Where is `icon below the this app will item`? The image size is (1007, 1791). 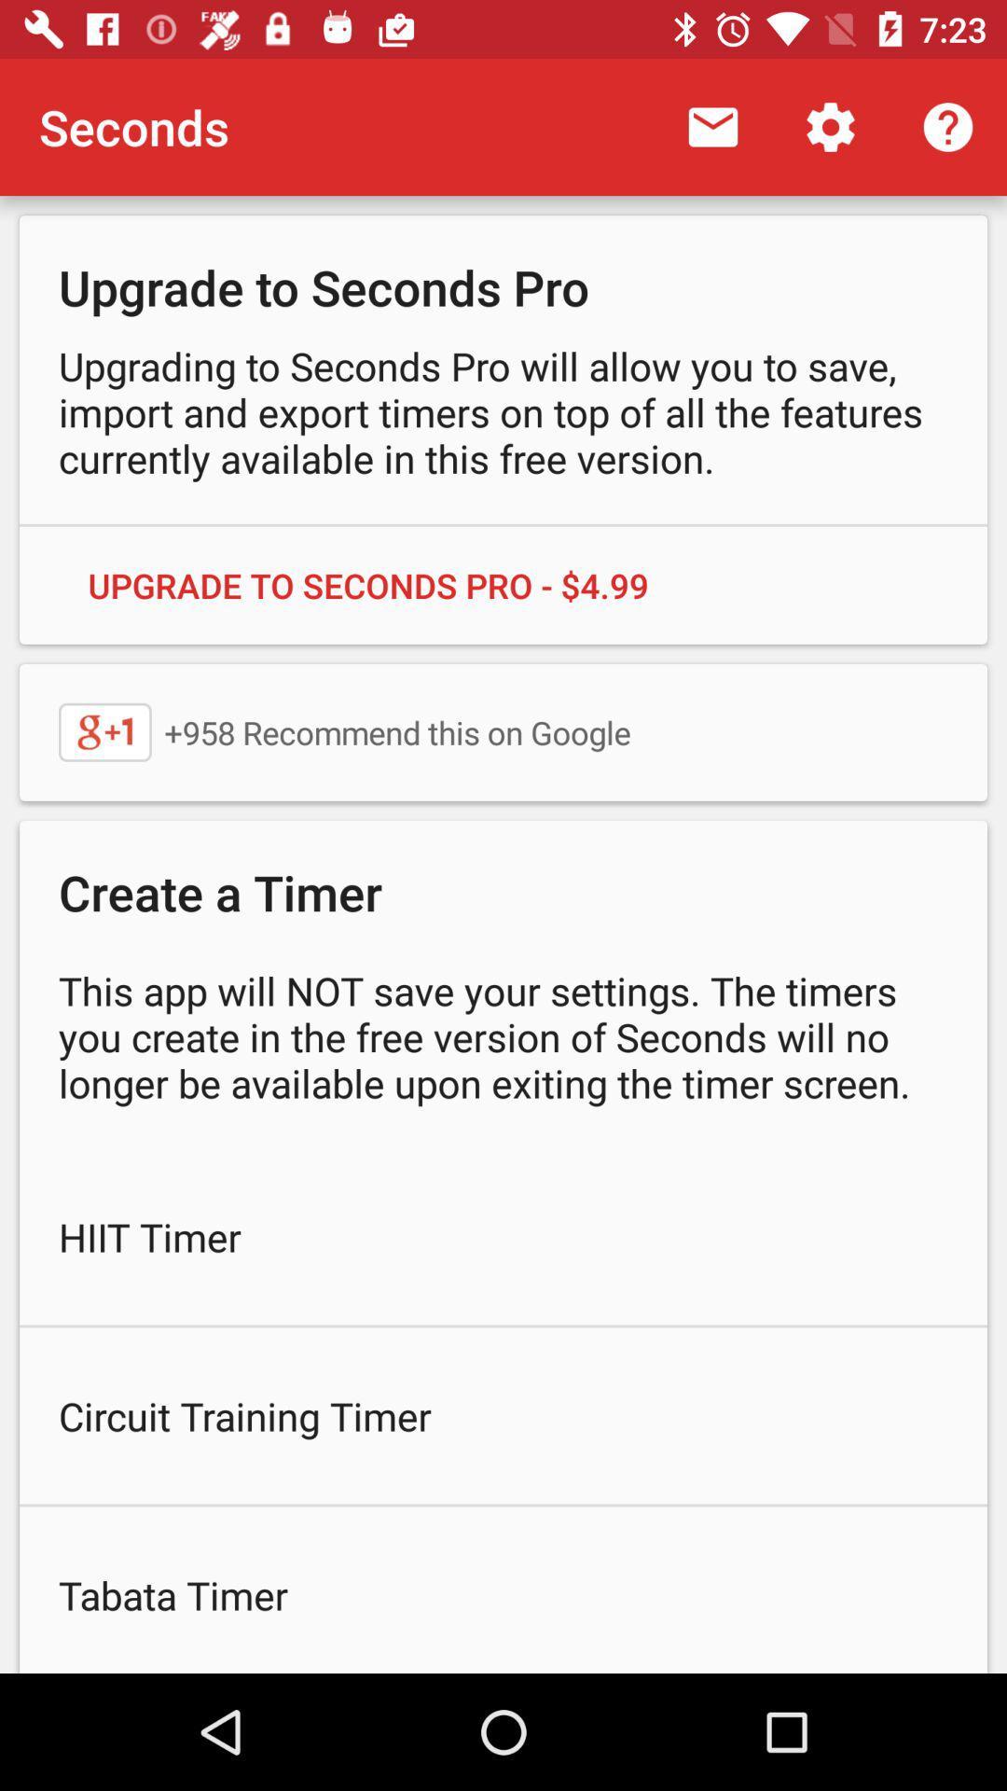
icon below the this app will item is located at coordinates (504, 1236).